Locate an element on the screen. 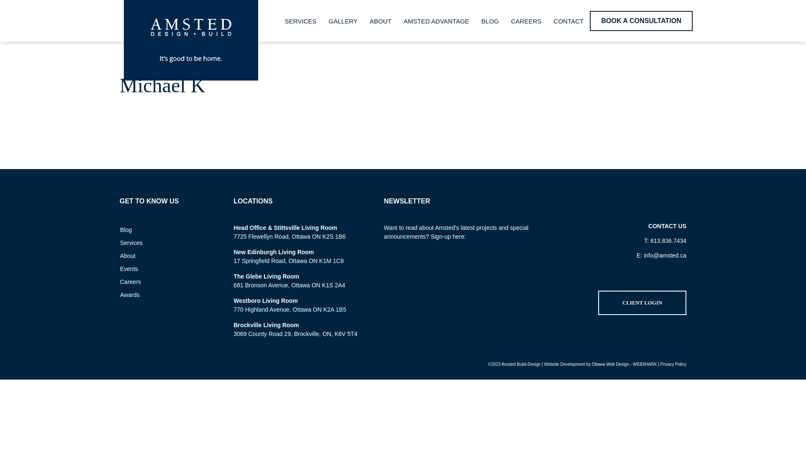  'New Edinburgh Living Room' is located at coordinates (273, 252).